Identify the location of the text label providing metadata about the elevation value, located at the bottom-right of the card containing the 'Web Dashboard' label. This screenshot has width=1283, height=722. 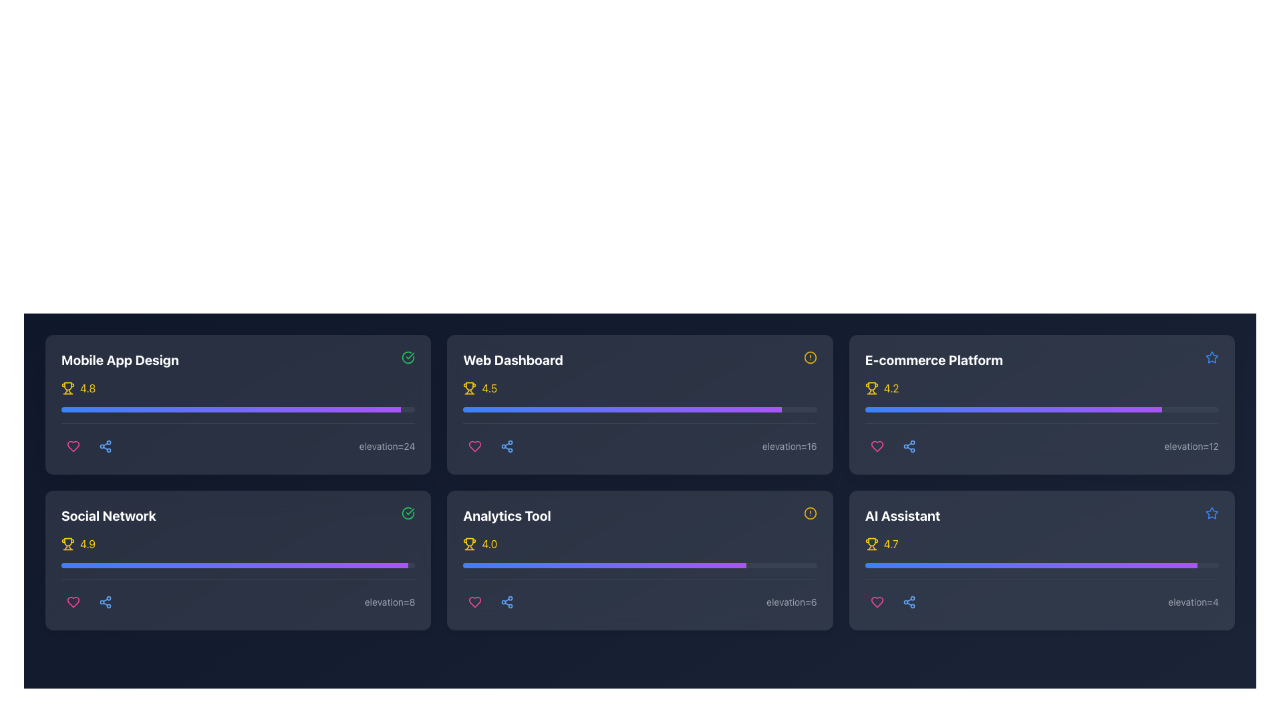
(789, 446).